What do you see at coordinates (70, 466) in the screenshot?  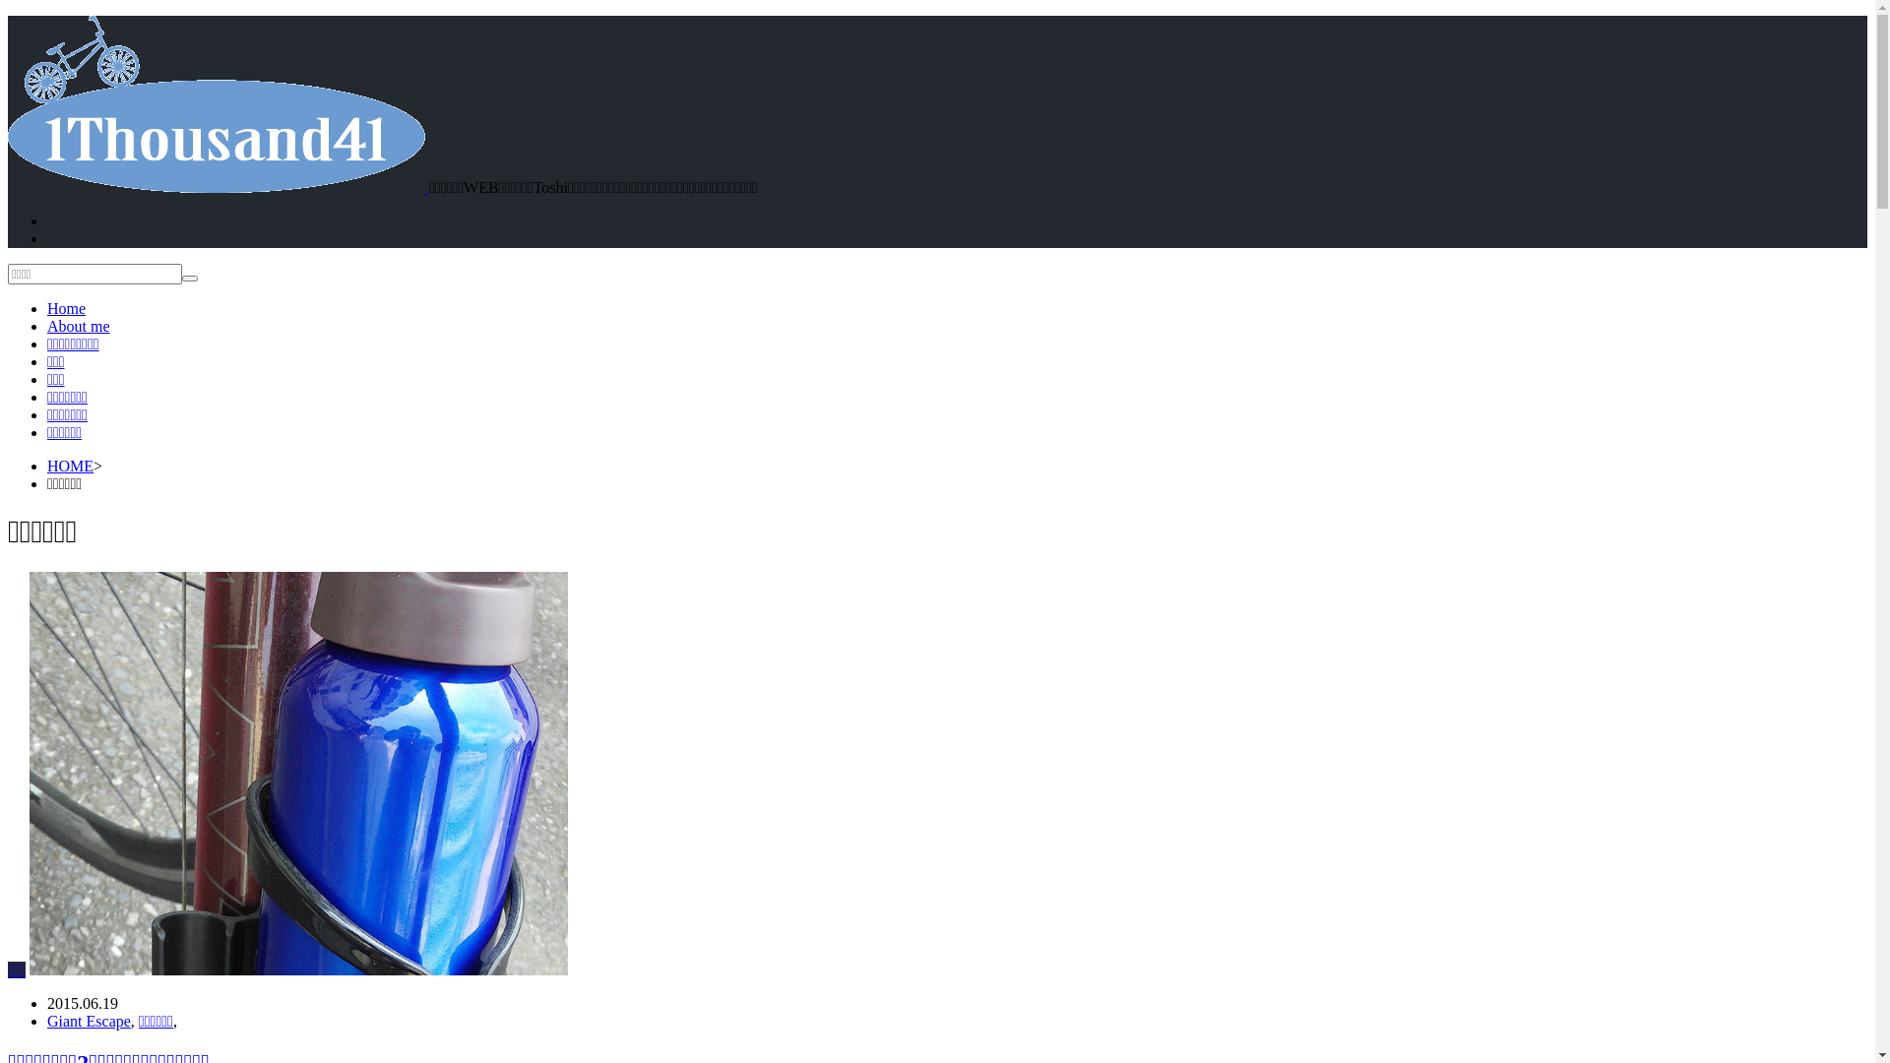 I see `'HOME'` at bounding box center [70, 466].